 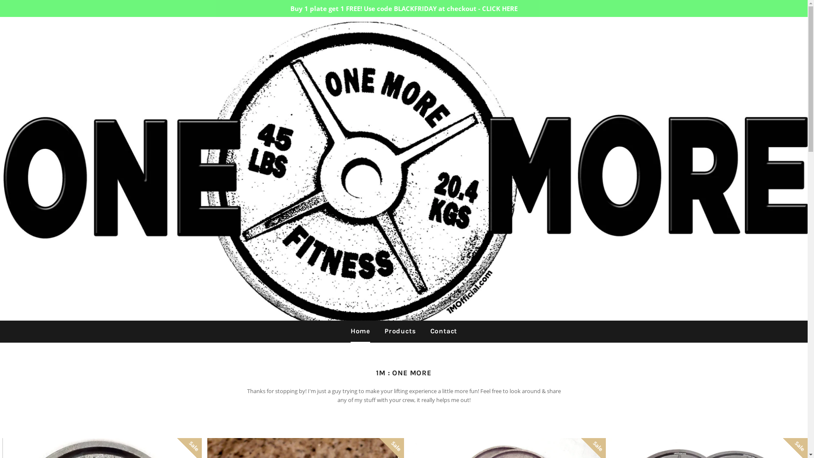 I want to click on 'Cart', so click(x=793, y=30).